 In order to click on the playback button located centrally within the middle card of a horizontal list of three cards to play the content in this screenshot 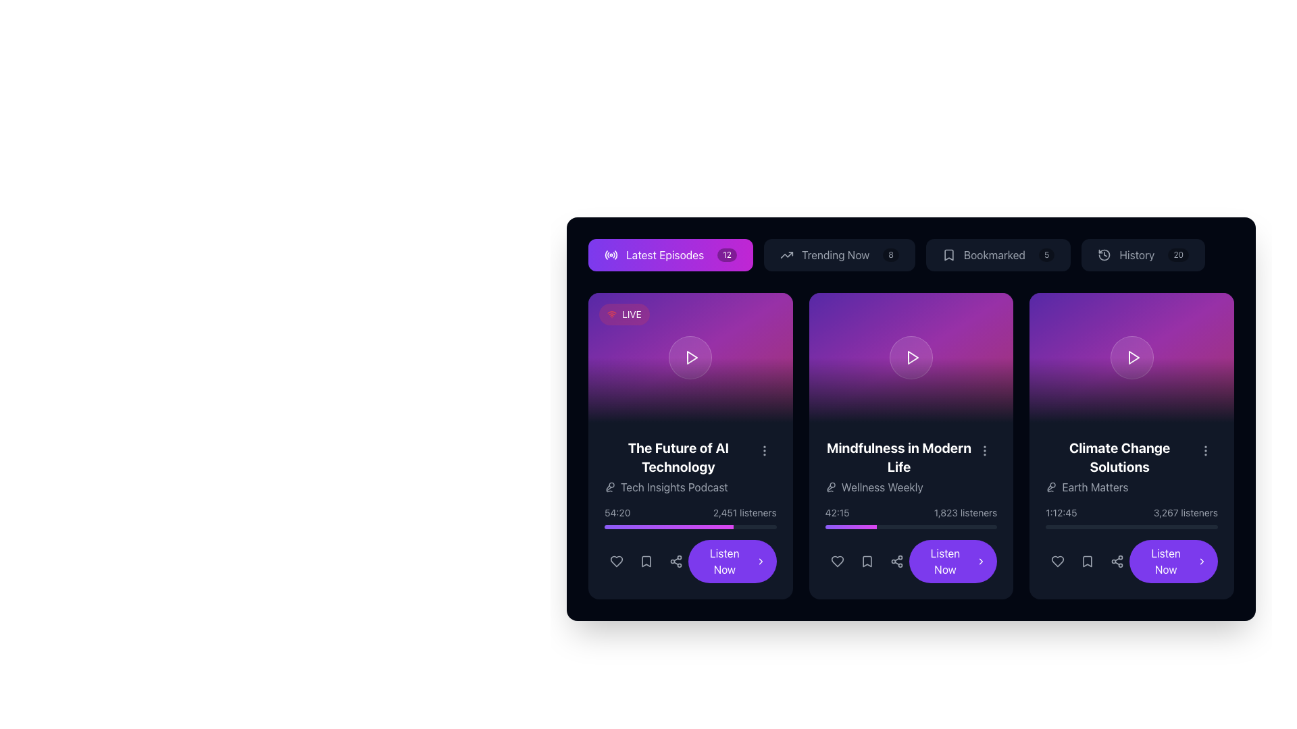, I will do `click(911, 356)`.